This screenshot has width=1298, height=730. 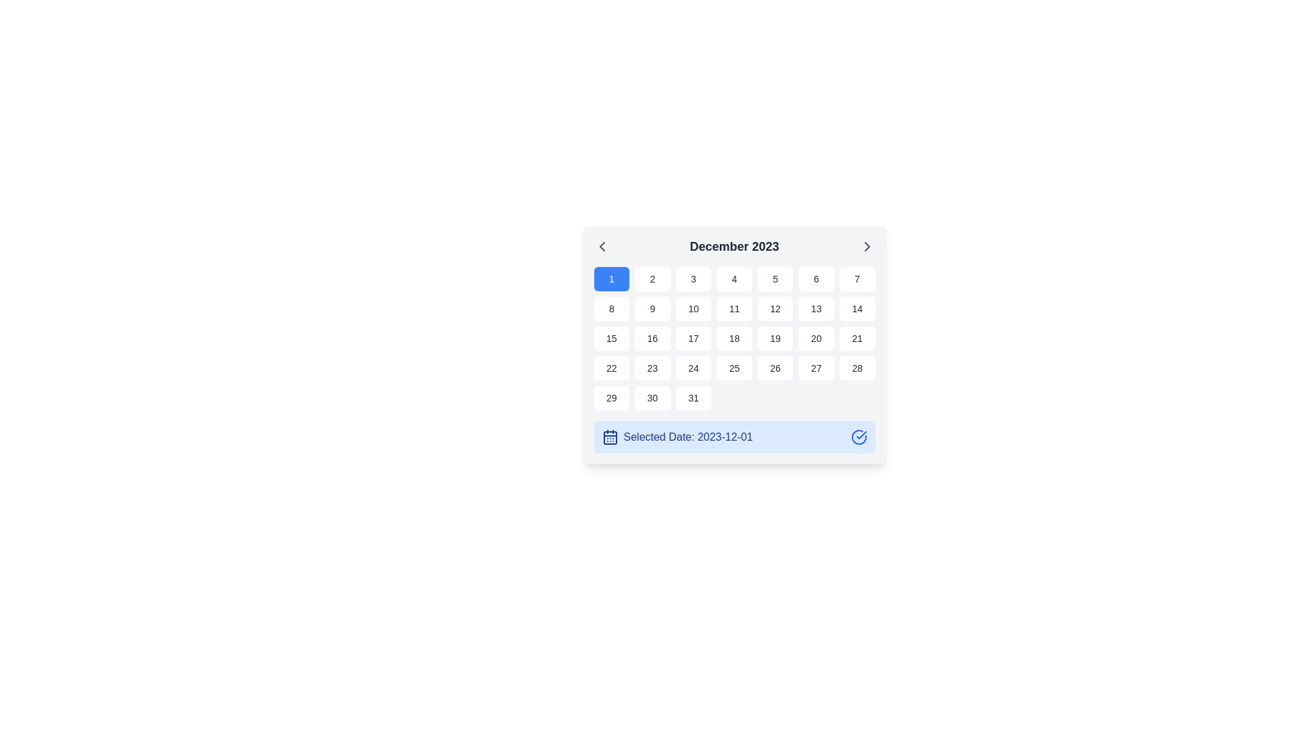 What do you see at coordinates (610, 397) in the screenshot?
I see `the button displaying the number '29', which is a rounded rectangle with a white background and gray text, located in the 1st column of the 6th row in the calendar layout` at bounding box center [610, 397].